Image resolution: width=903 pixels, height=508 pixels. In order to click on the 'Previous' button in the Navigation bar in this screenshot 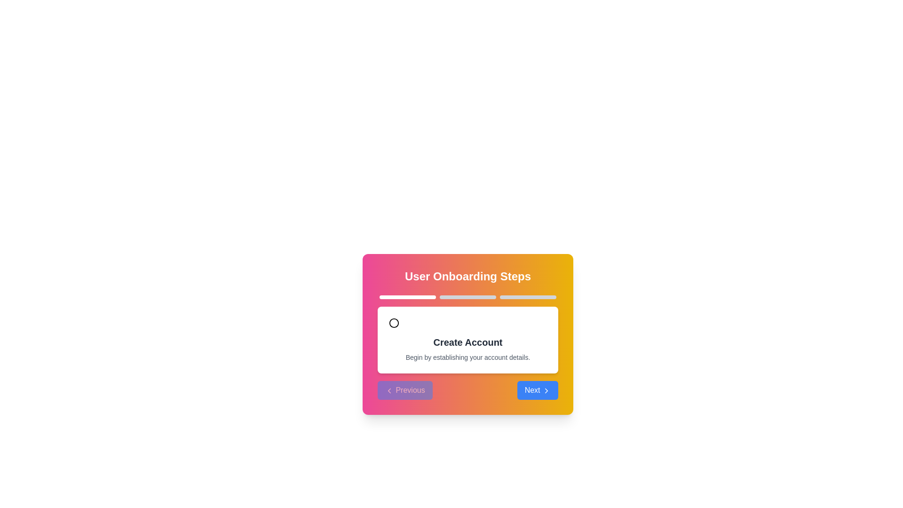, I will do `click(467, 390)`.